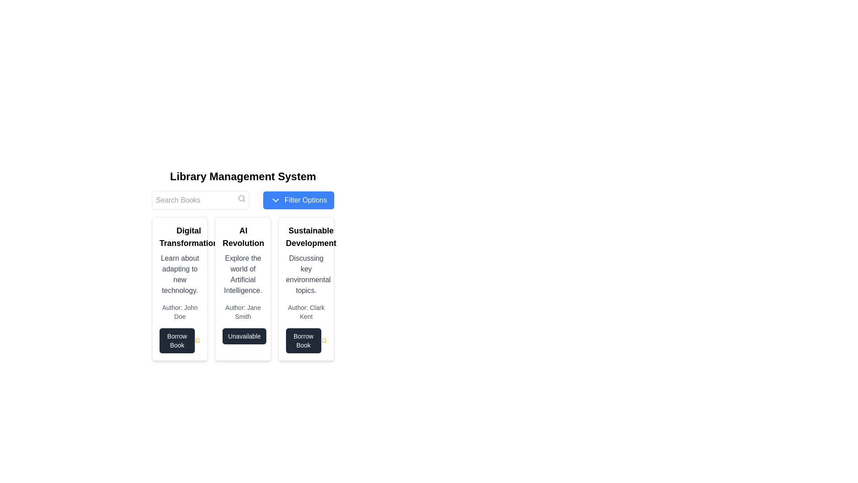 This screenshot has height=483, width=858. Describe the element at coordinates (243, 236) in the screenshot. I see `text content of the title located at the top of the card in the library management system interface` at that location.